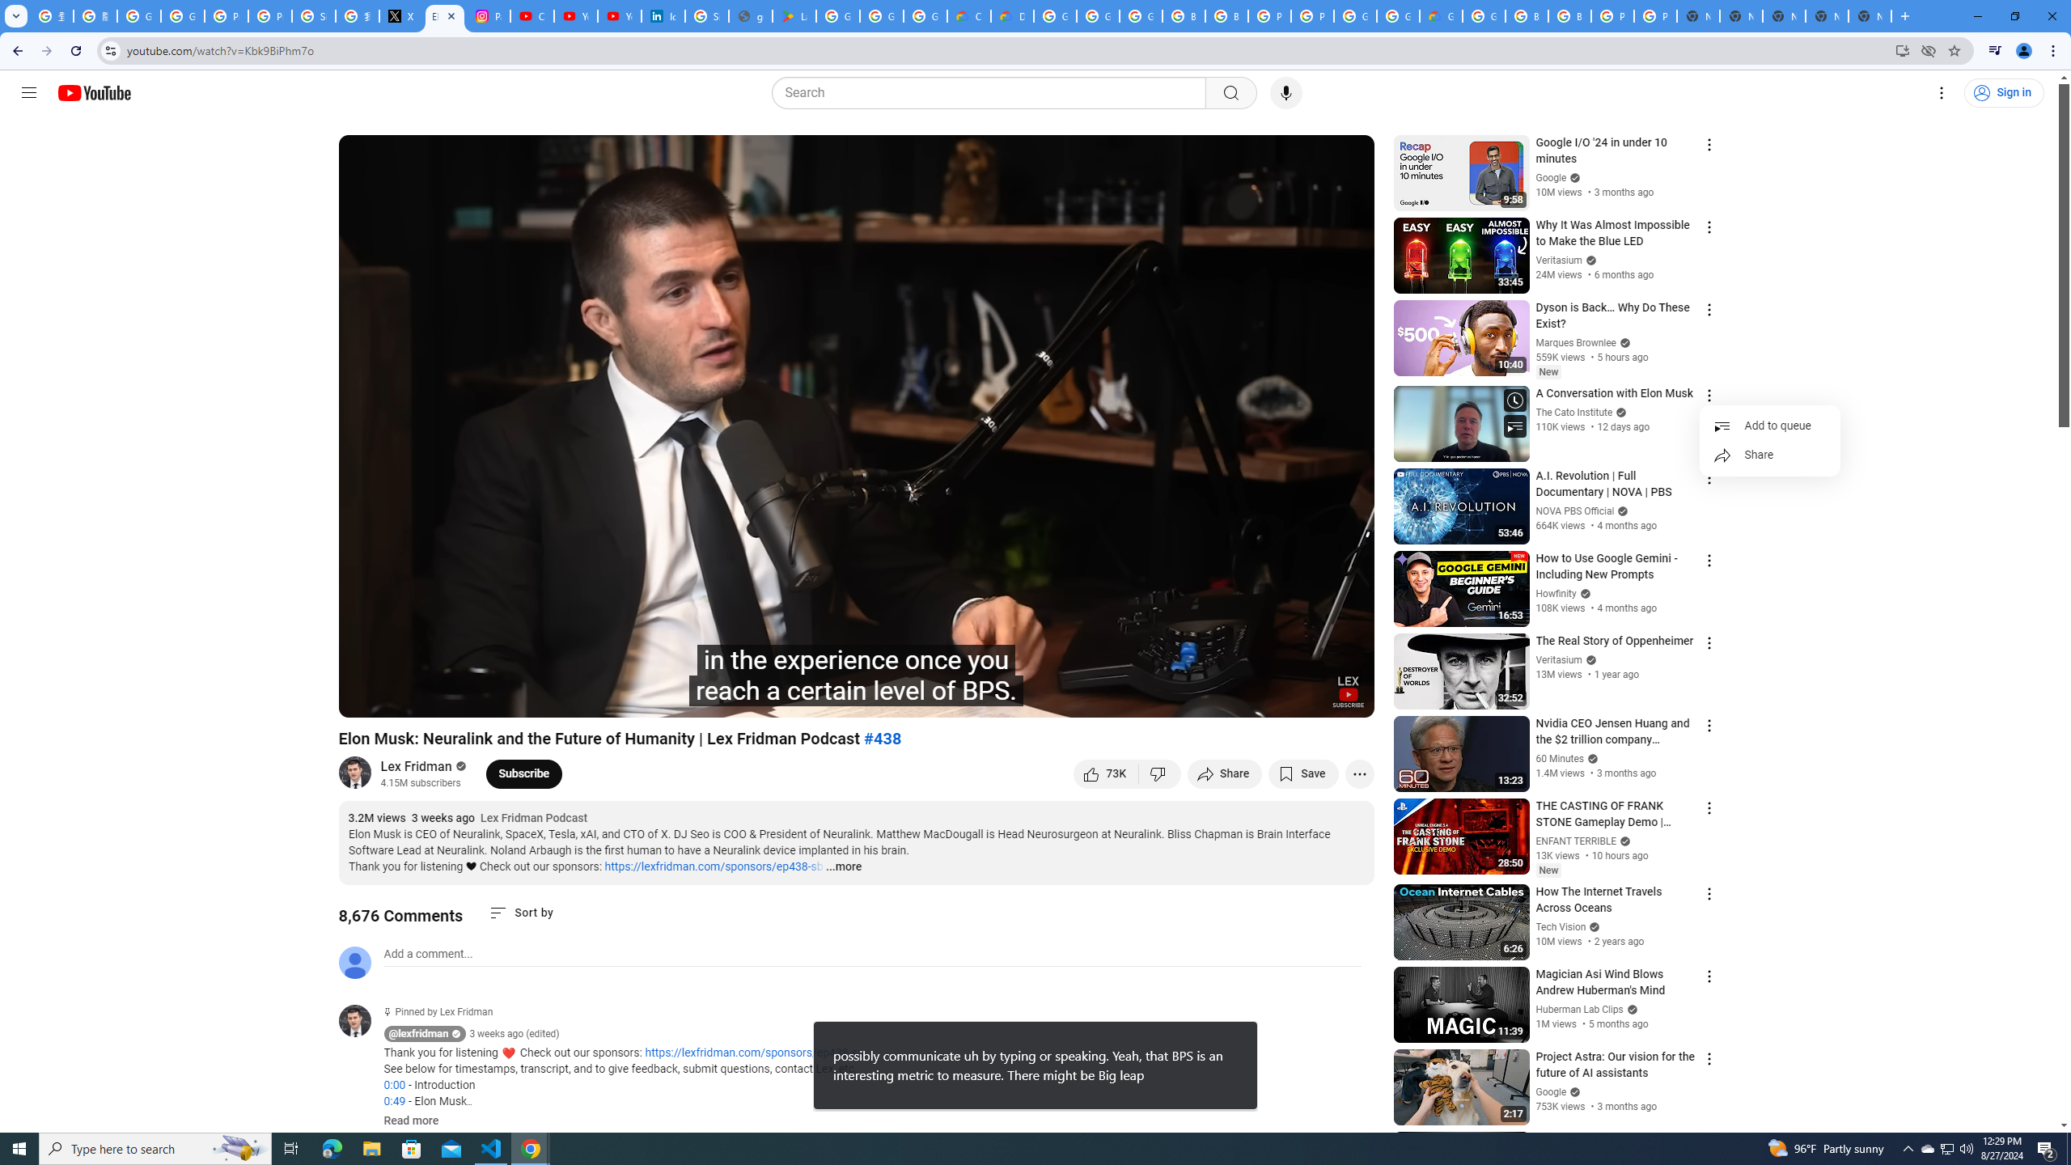 This screenshot has width=2071, height=1165. I want to click on '3 weeks ago (edited)', so click(514, 1034).